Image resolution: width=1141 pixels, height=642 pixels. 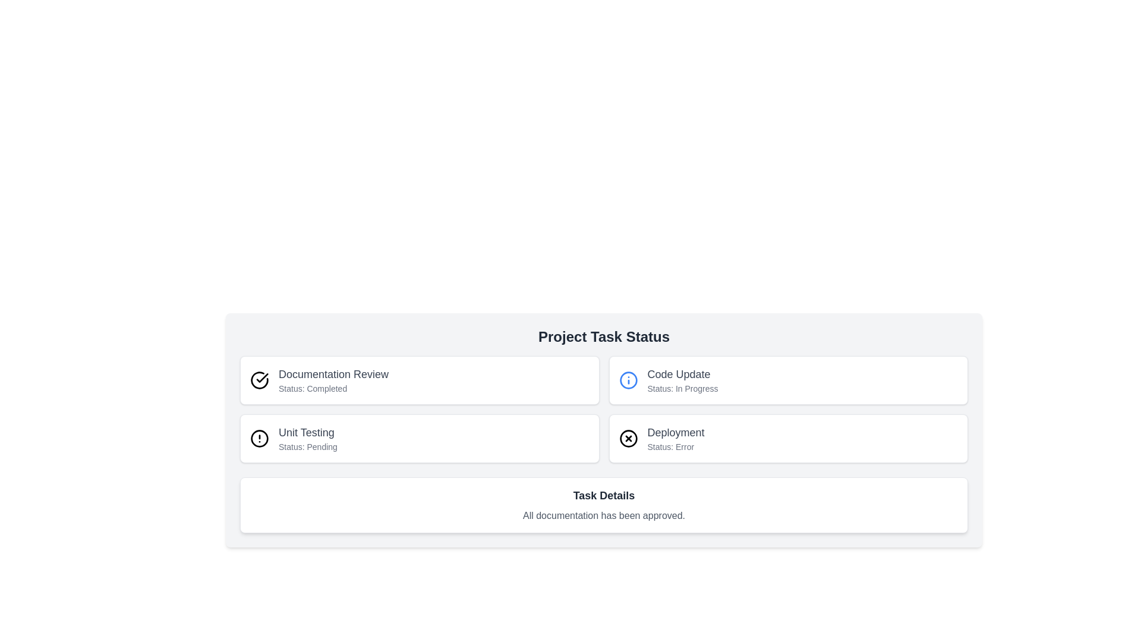 I want to click on the status information displayed in the error status Text Label located beneath the 'Deployment' label in the right section of the layout, so click(x=676, y=447).